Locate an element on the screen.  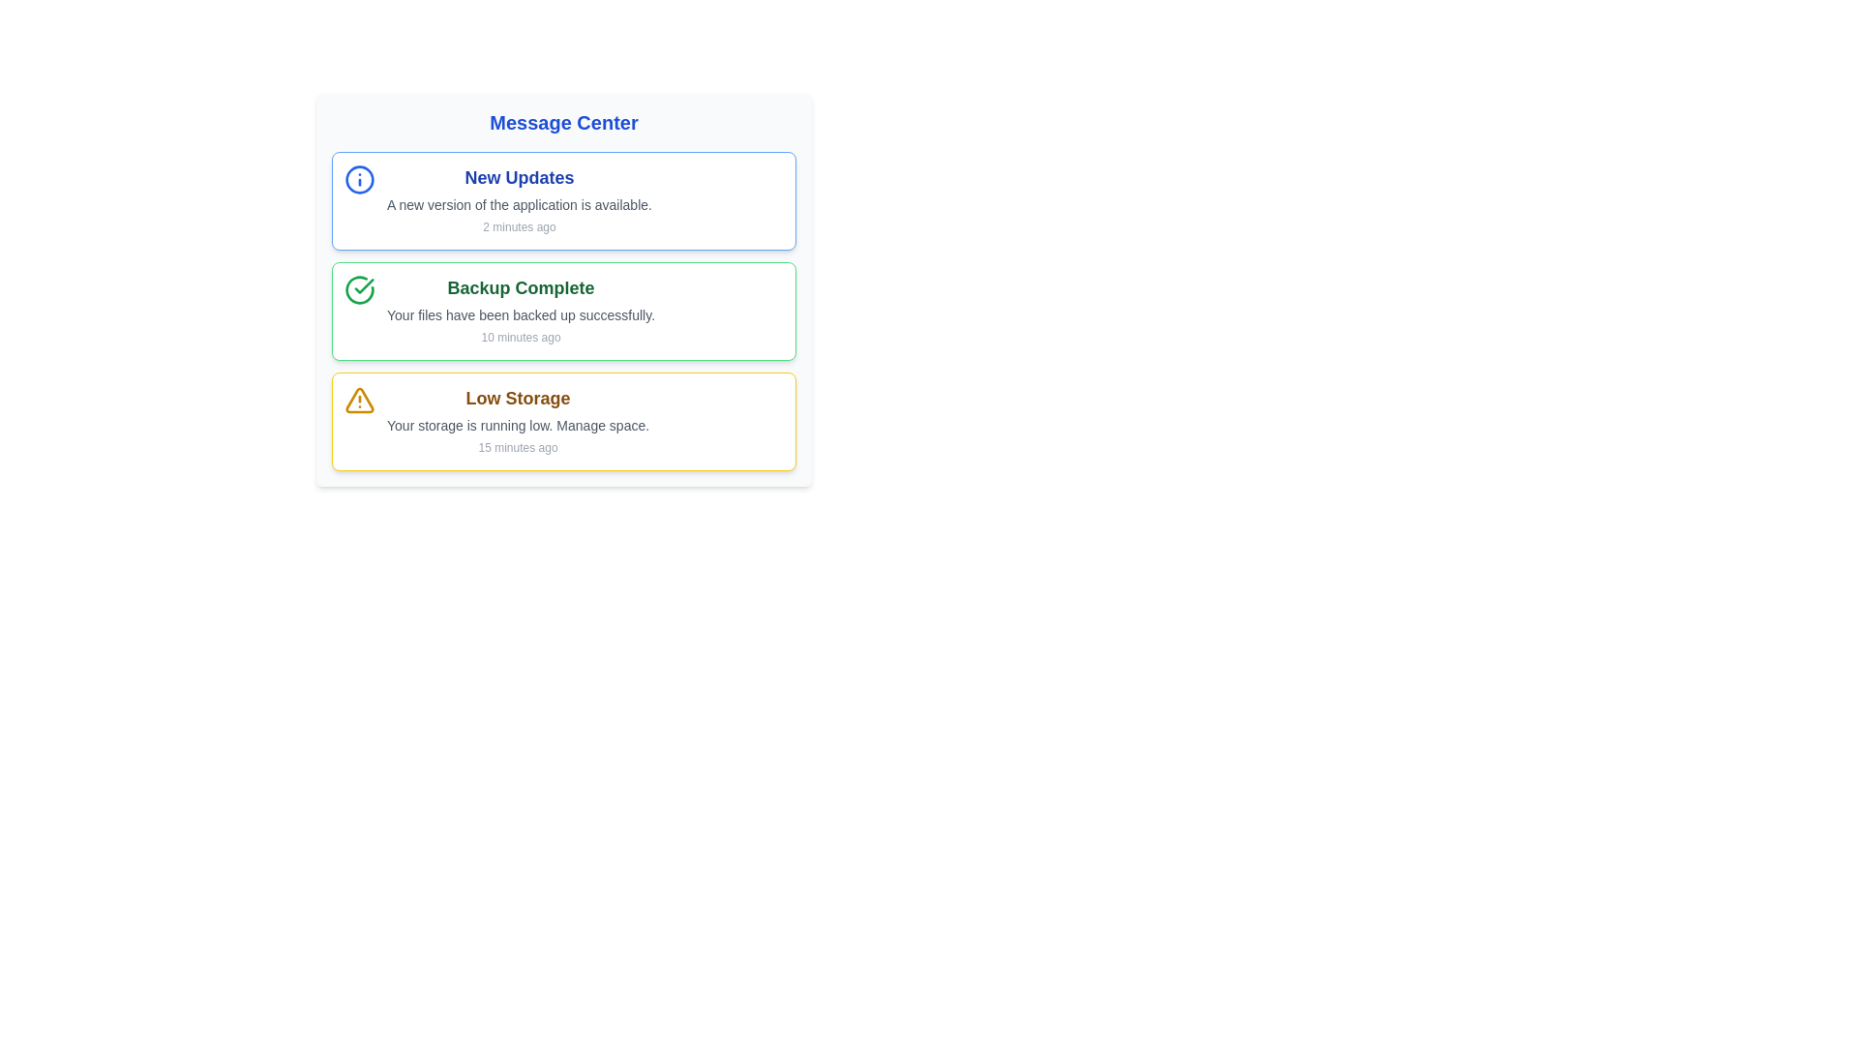
static text message that indicates the storage status, which states 'Your storage is running low. Manage space.' is located at coordinates (518, 424).